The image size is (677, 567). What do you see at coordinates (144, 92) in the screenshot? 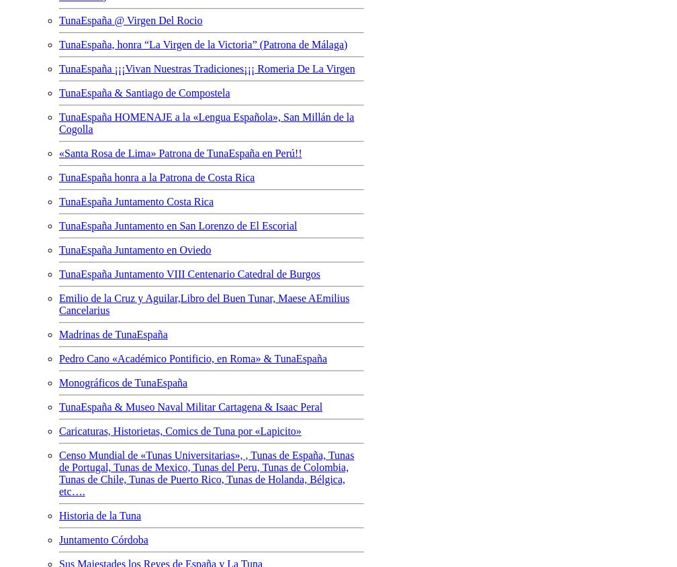
I see `'TunaEspaña & Santiago de Compostela'` at bounding box center [144, 92].